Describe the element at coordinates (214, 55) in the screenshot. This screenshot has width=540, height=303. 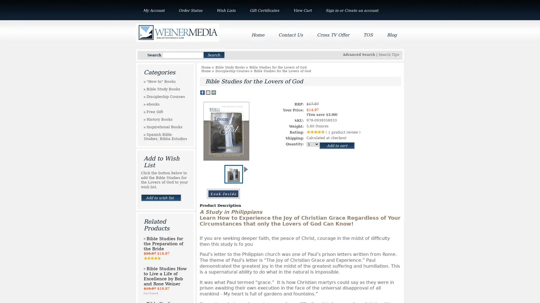
I see `Submit` at that location.